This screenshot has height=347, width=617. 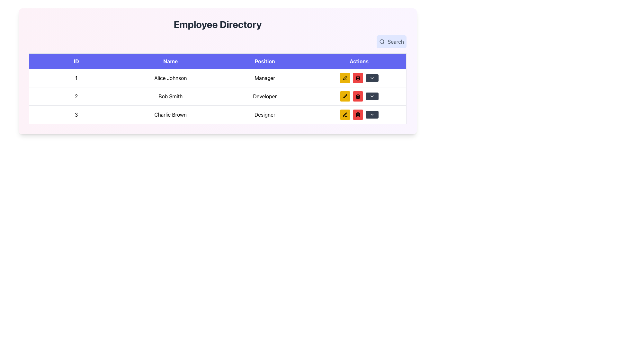 I want to click on the header text label for the ID column in the table, which is positioned in the upper-left section of the layout, above the column labeled '1', '2', '3', etc, so click(x=76, y=61).